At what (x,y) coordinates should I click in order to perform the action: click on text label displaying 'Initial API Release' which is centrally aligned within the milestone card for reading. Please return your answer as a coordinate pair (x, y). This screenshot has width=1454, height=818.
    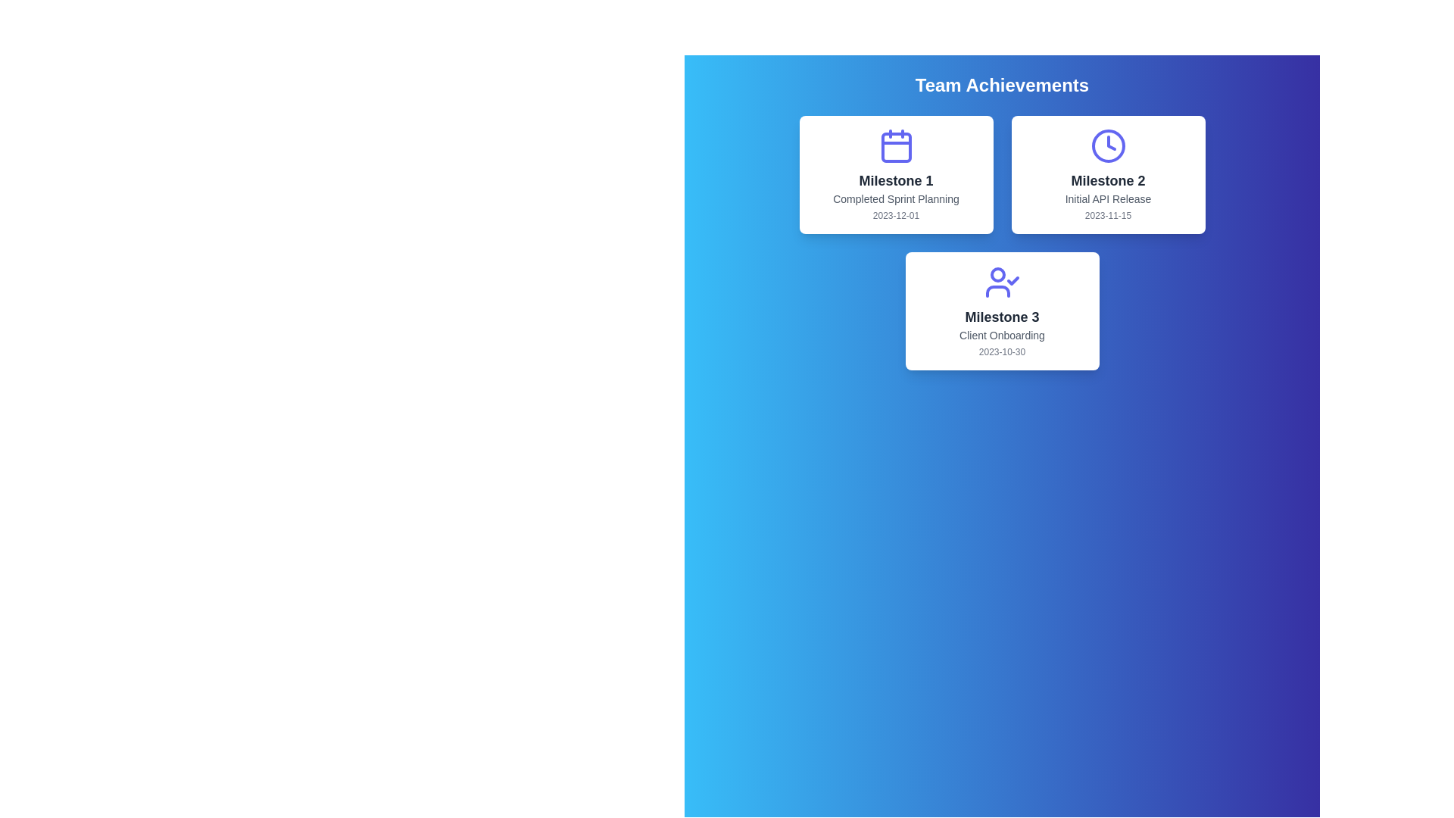
    Looking at the image, I should click on (1108, 198).